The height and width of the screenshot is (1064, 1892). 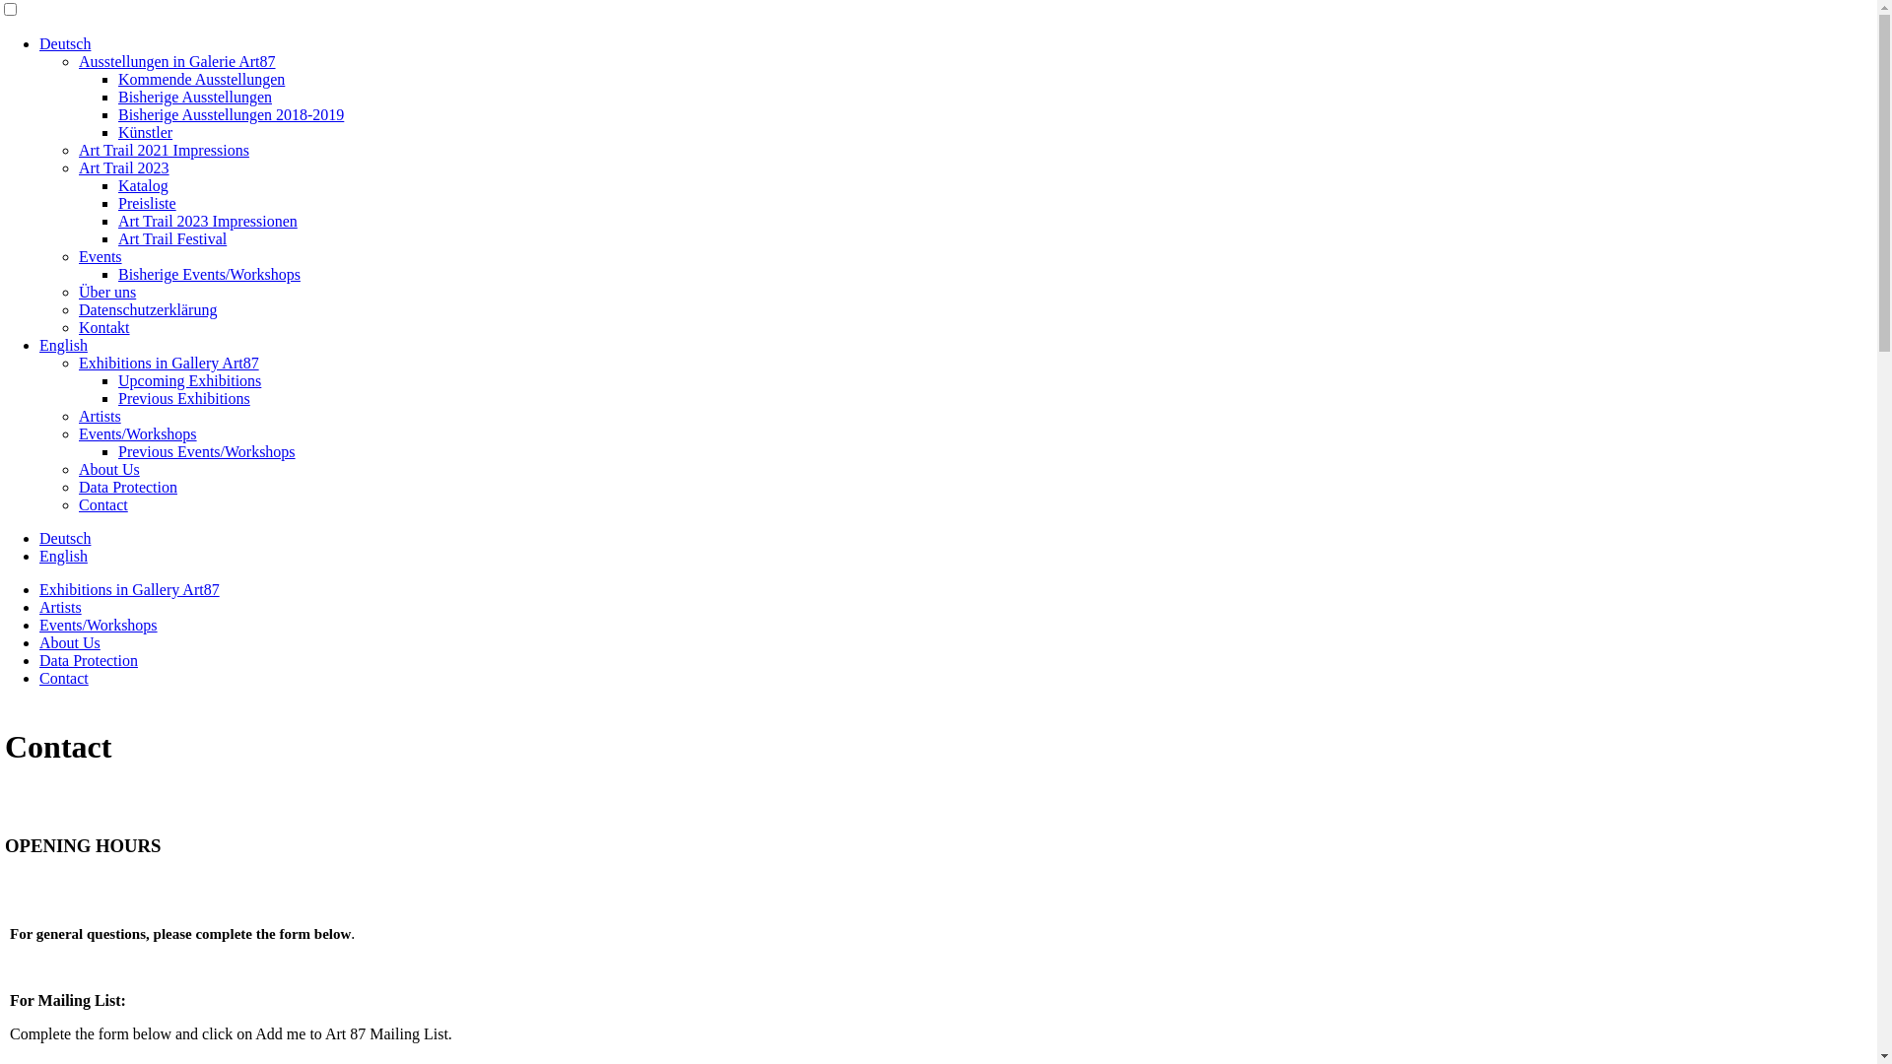 I want to click on 'Contact', so click(x=38, y=677).